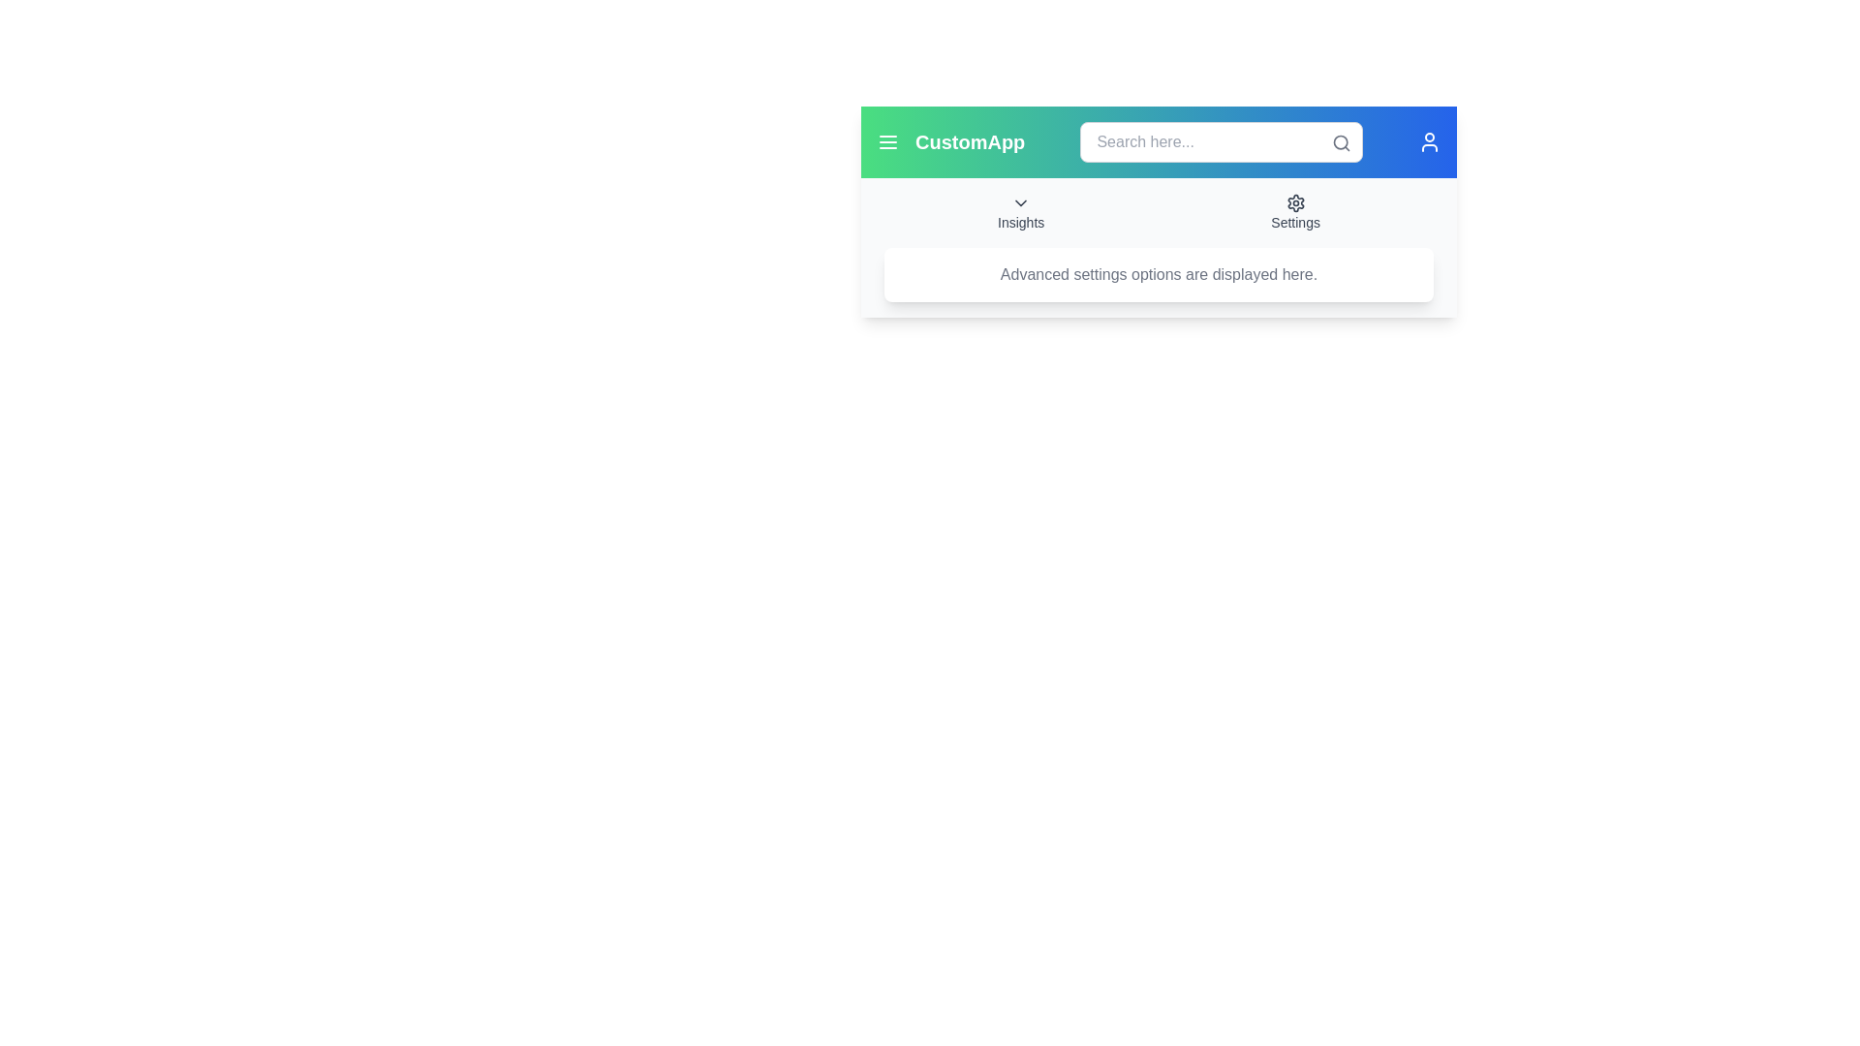 The image size is (1860, 1046). I want to click on the 'Insights' text label, which is a gray text label positioned in the center of the application header, below a downward-pointing chevron icon and aligned with other header text, so click(1020, 222).